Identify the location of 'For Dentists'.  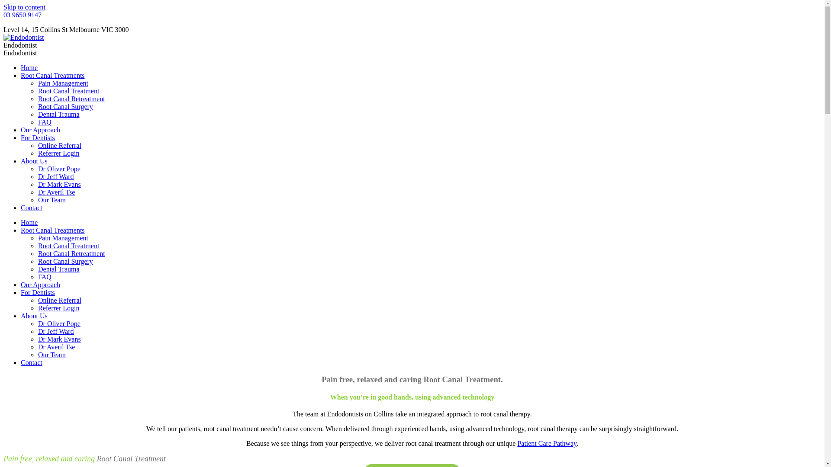
(37, 137).